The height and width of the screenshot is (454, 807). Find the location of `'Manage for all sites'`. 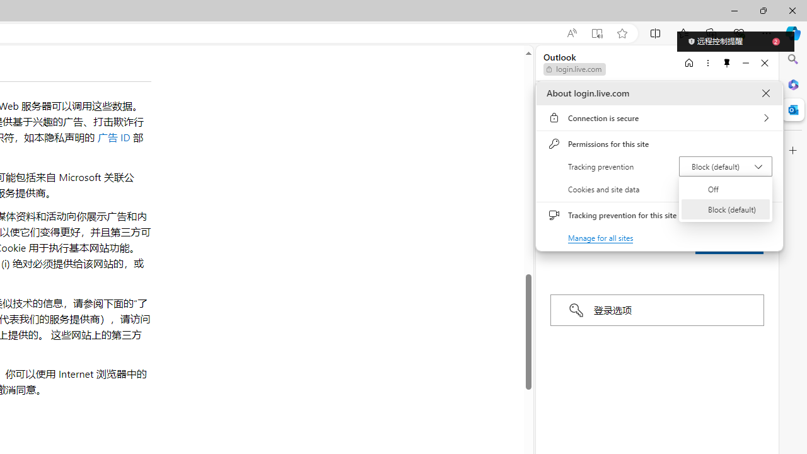

'Manage for all sites' is located at coordinates (600, 238).